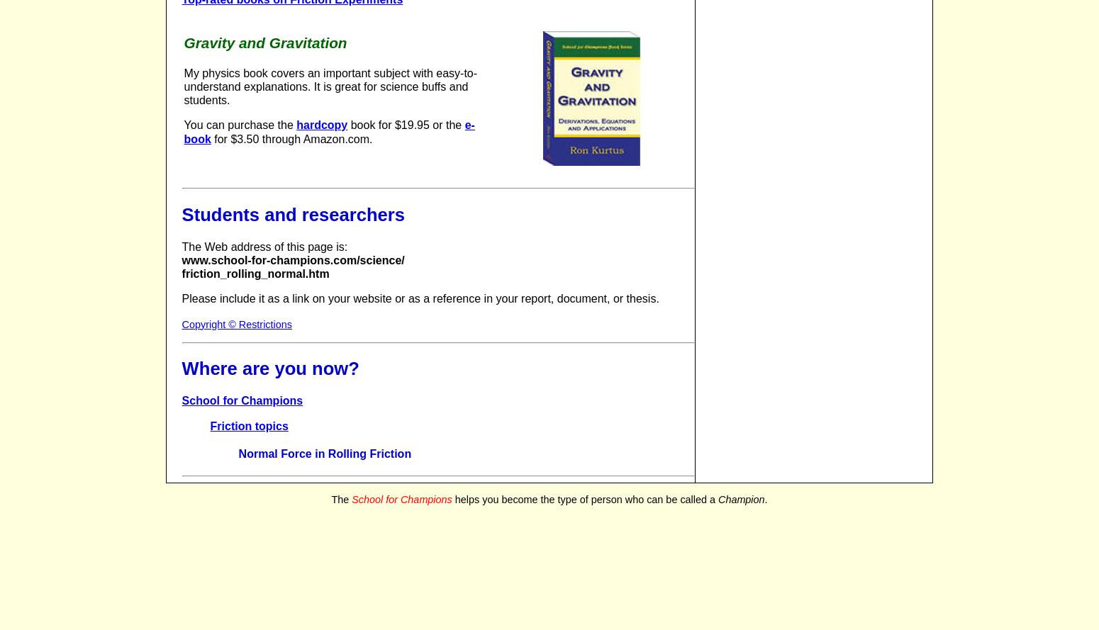 This screenshot has width=1099, height=630. I want to click on 'The Web address of this page is:', so click(263, 245).